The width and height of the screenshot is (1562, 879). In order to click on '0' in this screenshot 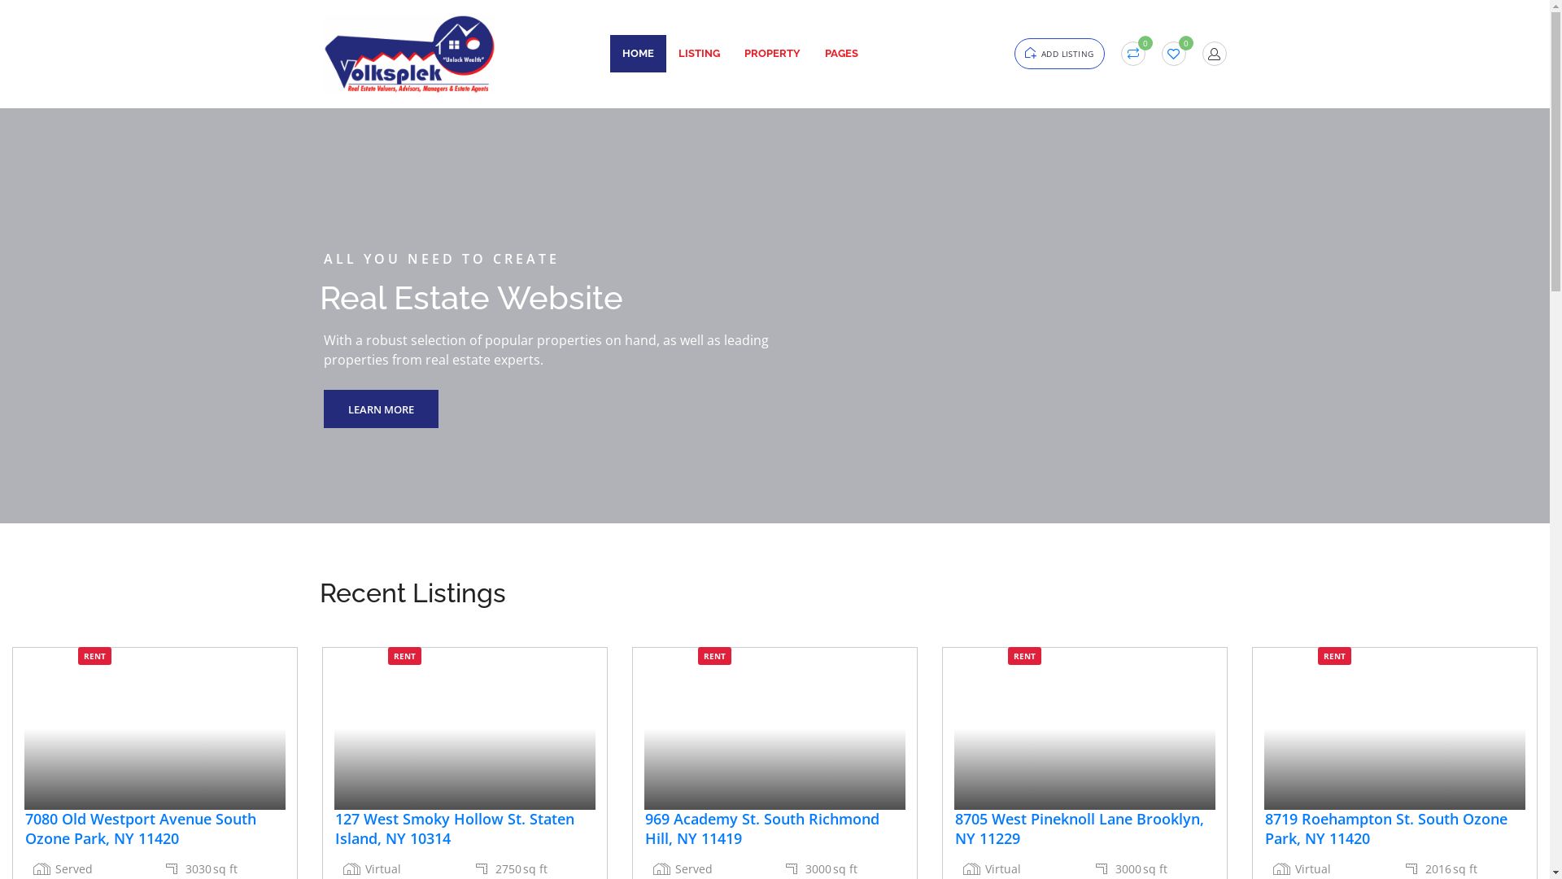, I will do `click(1174, 52)`.